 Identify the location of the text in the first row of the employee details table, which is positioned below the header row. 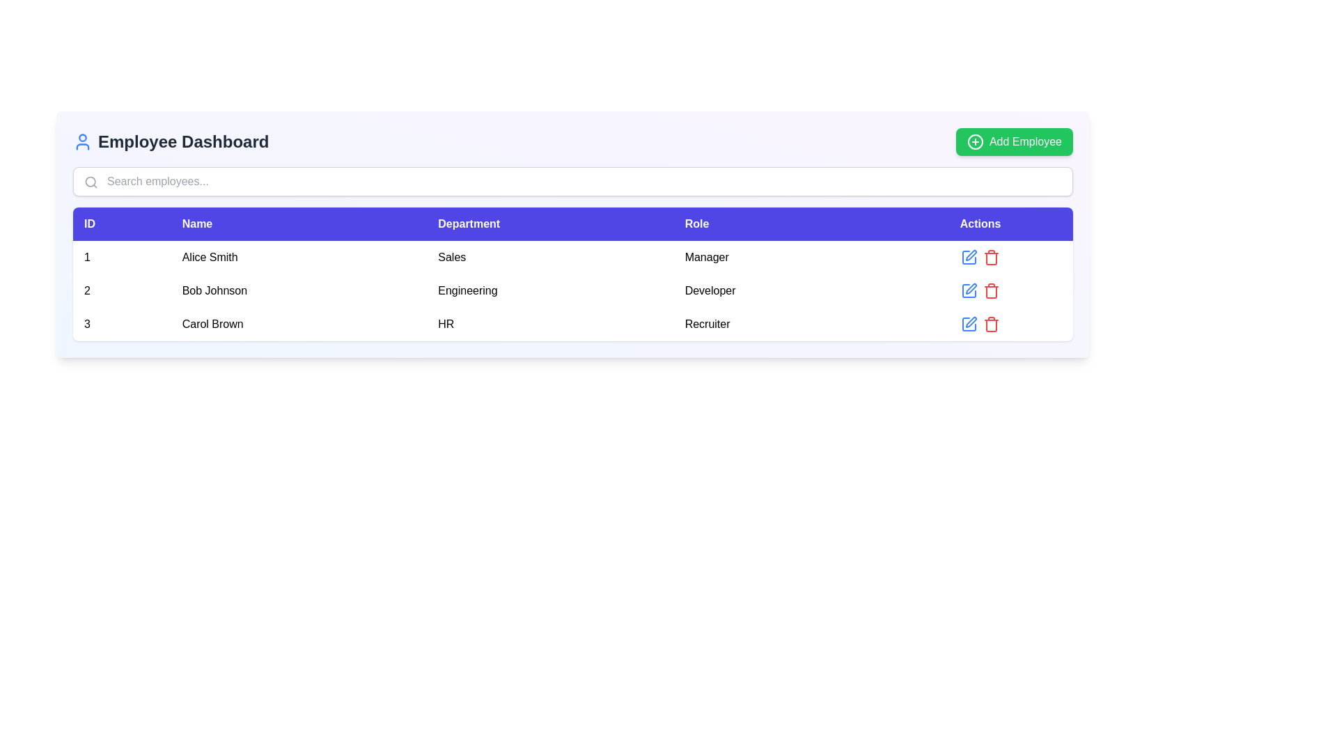
(572, 258).